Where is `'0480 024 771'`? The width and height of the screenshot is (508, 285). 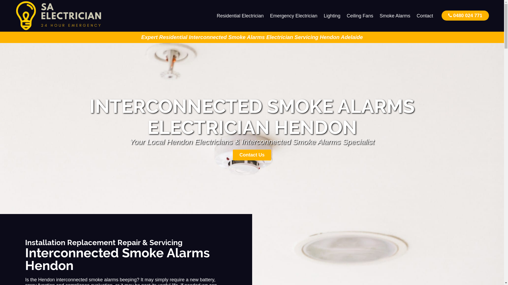 '0480 024 771' is located at coordinates (442, 15).